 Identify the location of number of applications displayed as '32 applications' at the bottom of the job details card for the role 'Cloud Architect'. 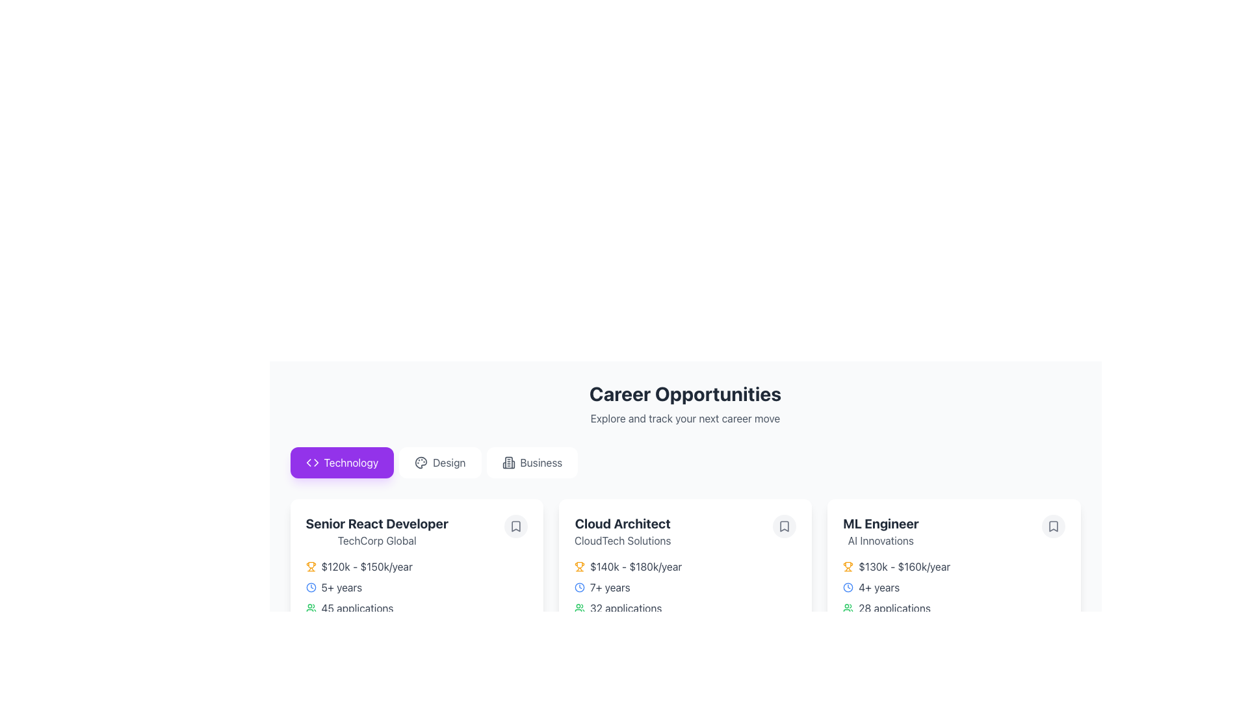
(626, 608).